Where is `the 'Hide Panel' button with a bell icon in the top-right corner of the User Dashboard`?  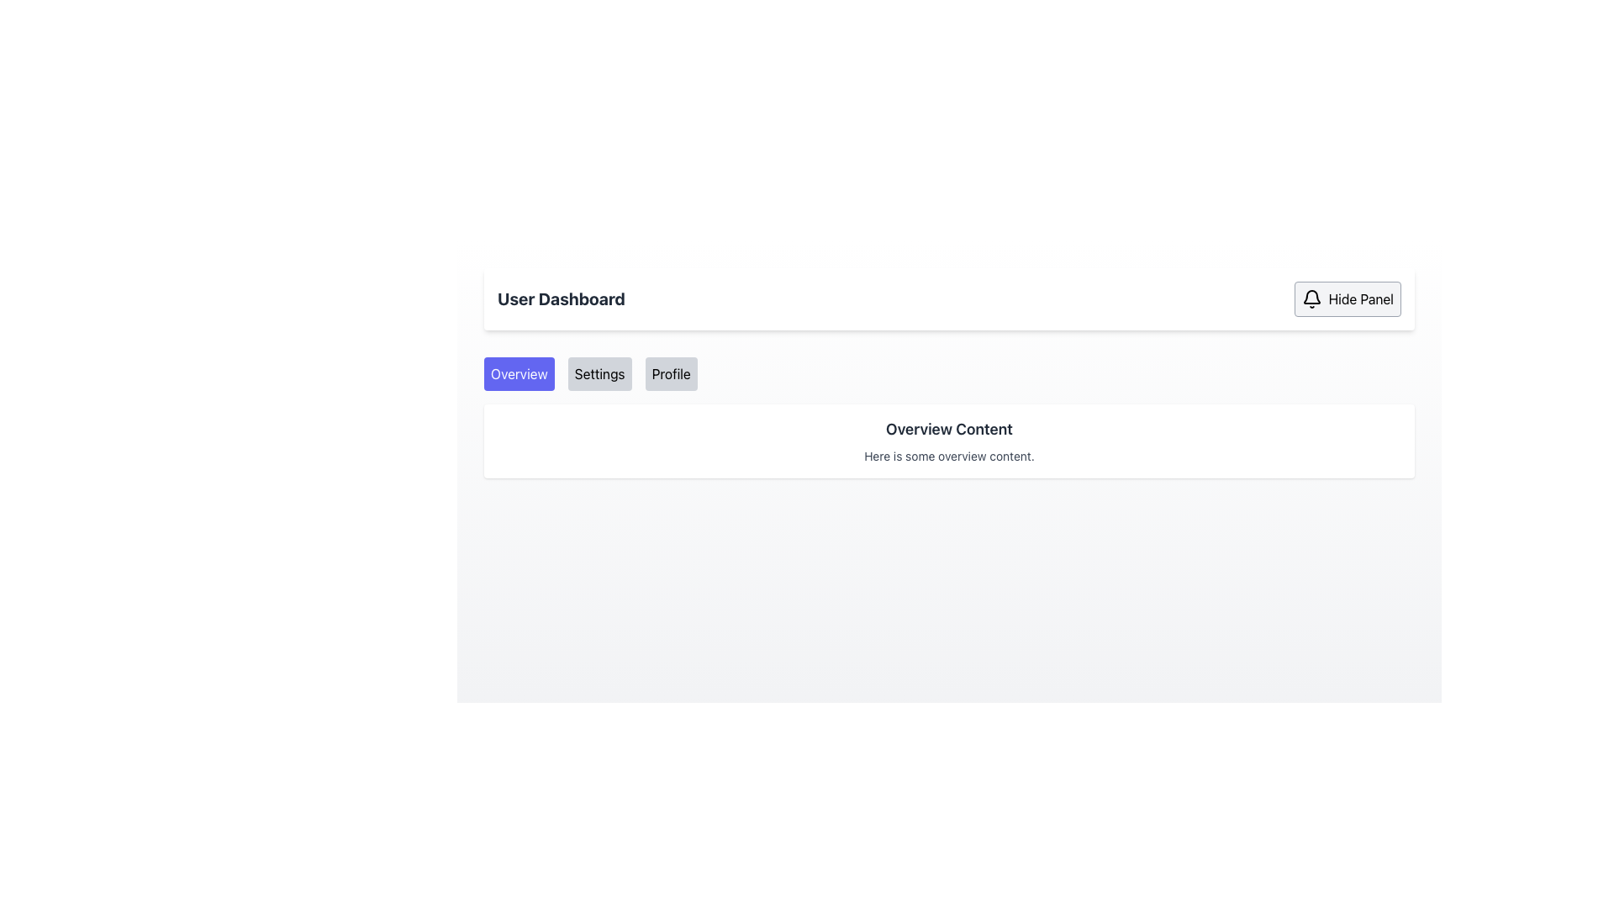 the 'Hide Panel' button with a bell icon in the top-right corner of the User Dashboard is located at coordinates (1348, 298).